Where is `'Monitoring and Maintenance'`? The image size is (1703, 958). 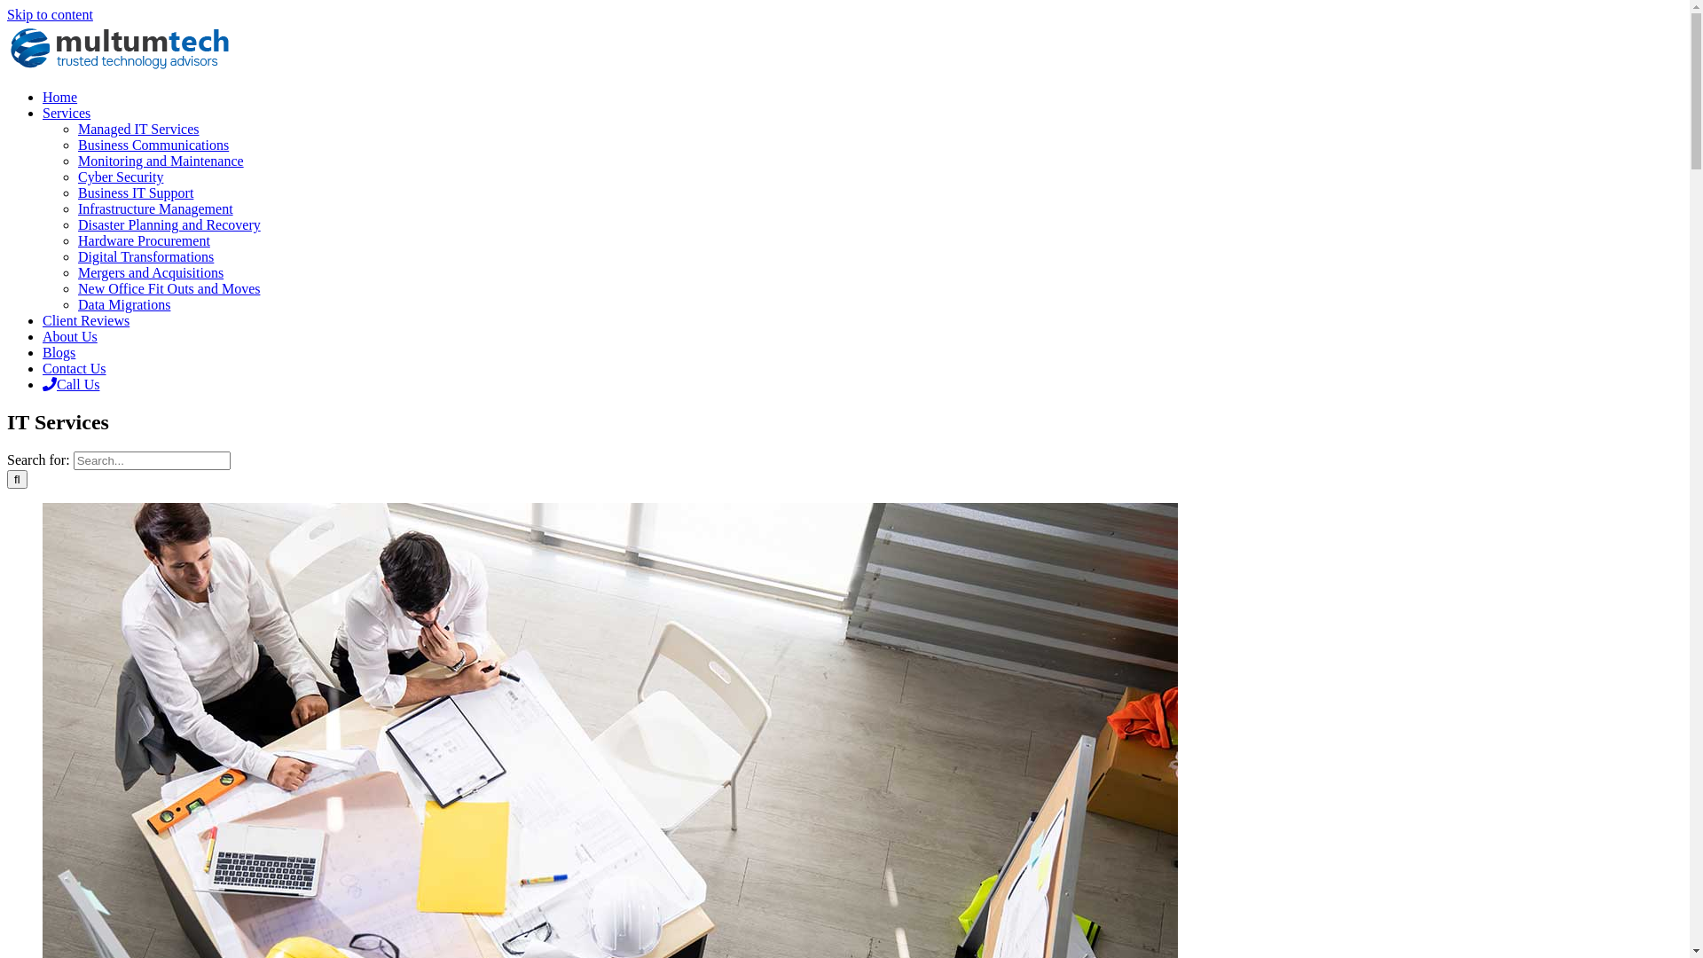 'Monitoring and Maintenance' is located at coordinates (161, 161).